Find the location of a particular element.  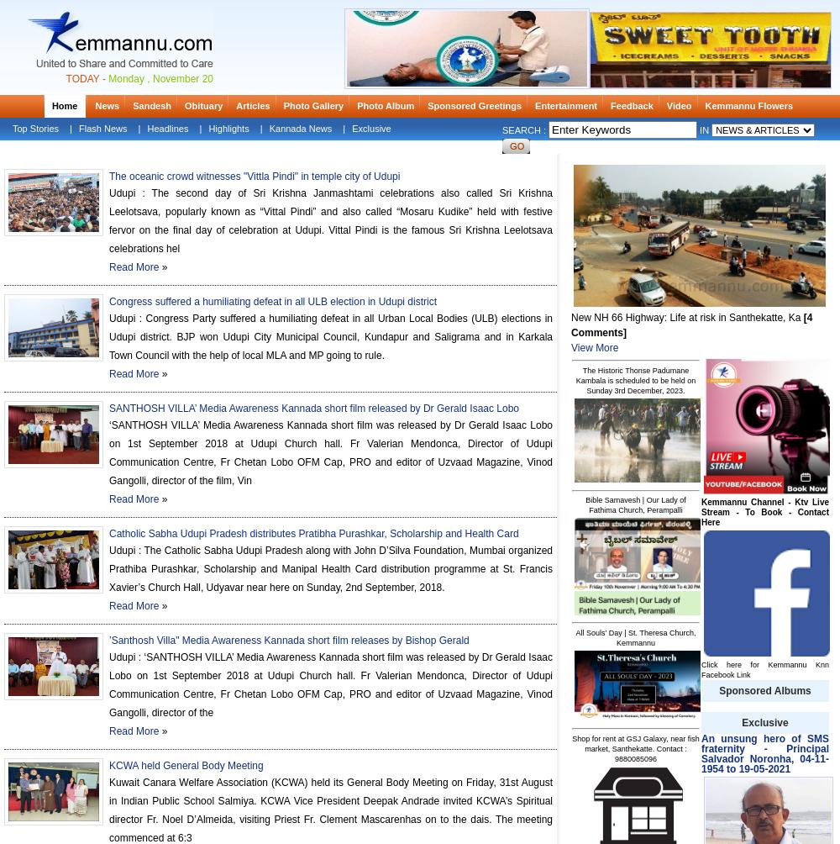

'‘SANTHOSH VILLA’  Media Awareness  Kannada short film was  released by Dr Gerald Isaac Lobo on 1st September 2018  at Udupi Church hall. Fr Valerian Mendonca, Director of Udupi Communication Centre, Fr Chetan Lobo OFM Cap, PRO and editor of Uzvaad Magazine, Vinod Gangolli, director of the film, Vin' is located at coordinates (331, 453).